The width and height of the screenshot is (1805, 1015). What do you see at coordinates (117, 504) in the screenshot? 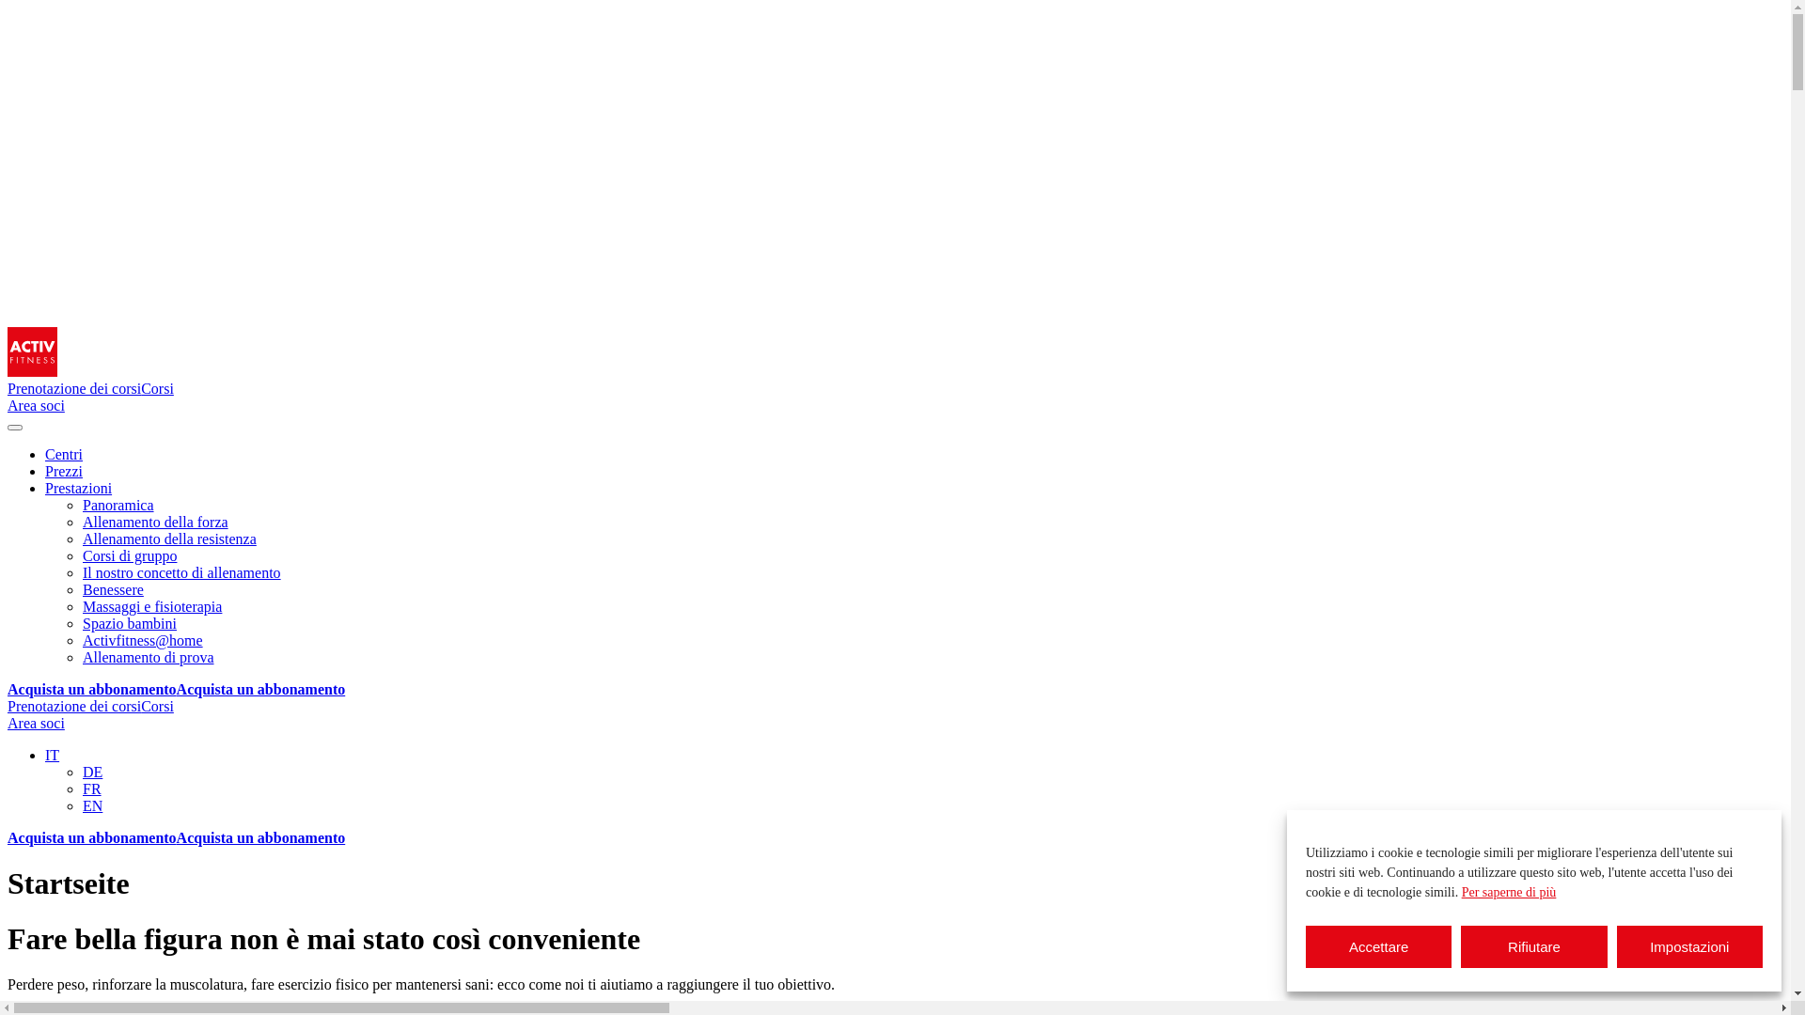
I see `'Panoramica'` at bounding box center [117, 504].